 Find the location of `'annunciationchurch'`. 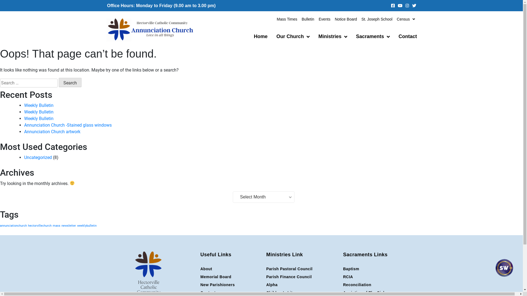

'annunciationchurch' is located at coordinates (13, 226).